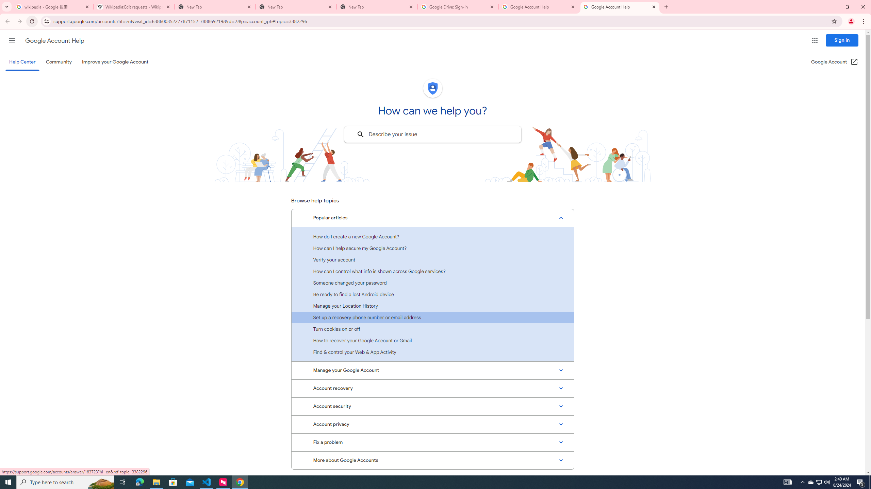 The width and height of the screenshot is (871, 489). Describe the element at coordinates (432, 329) in the screenshot. I see `'Turn cookies on or off'` at that location.